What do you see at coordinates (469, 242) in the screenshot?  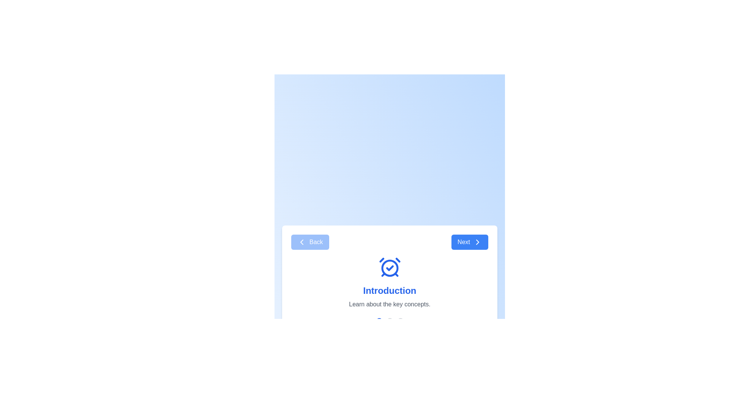 I see `the 'Next' button to navigate to the next step or finalize` at bounding box center [469, 242].